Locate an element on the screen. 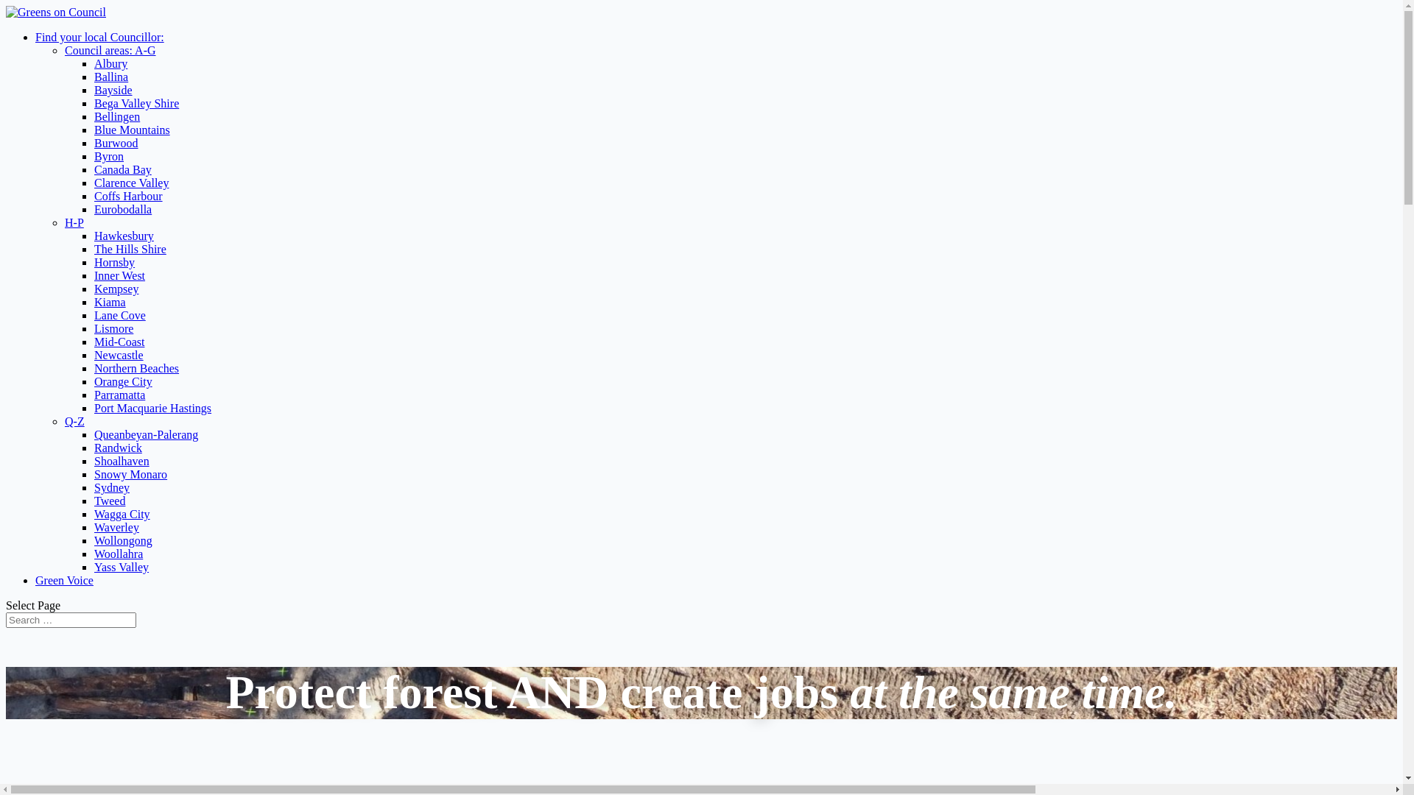 The width and height of the screenshot is (1414, 795). 'The Hills Shire' is located at coordinates (130, 248).